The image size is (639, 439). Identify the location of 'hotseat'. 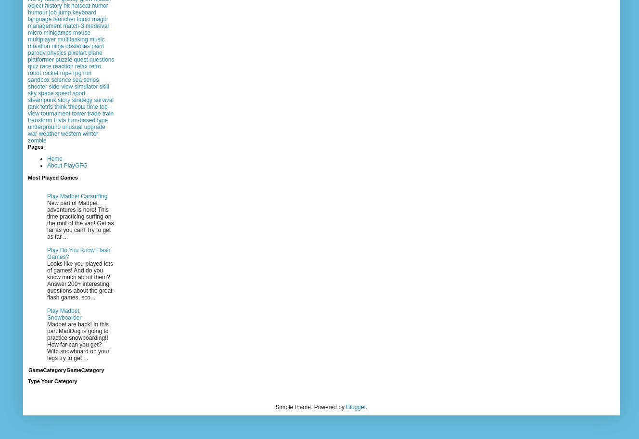
(80, 6).